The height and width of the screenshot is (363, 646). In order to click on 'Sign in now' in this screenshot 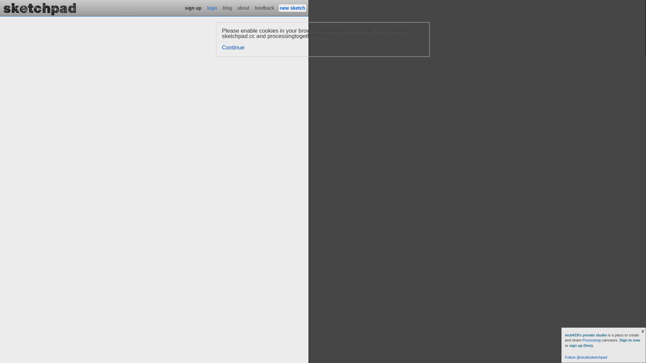, I will do `click(619, 340)`.